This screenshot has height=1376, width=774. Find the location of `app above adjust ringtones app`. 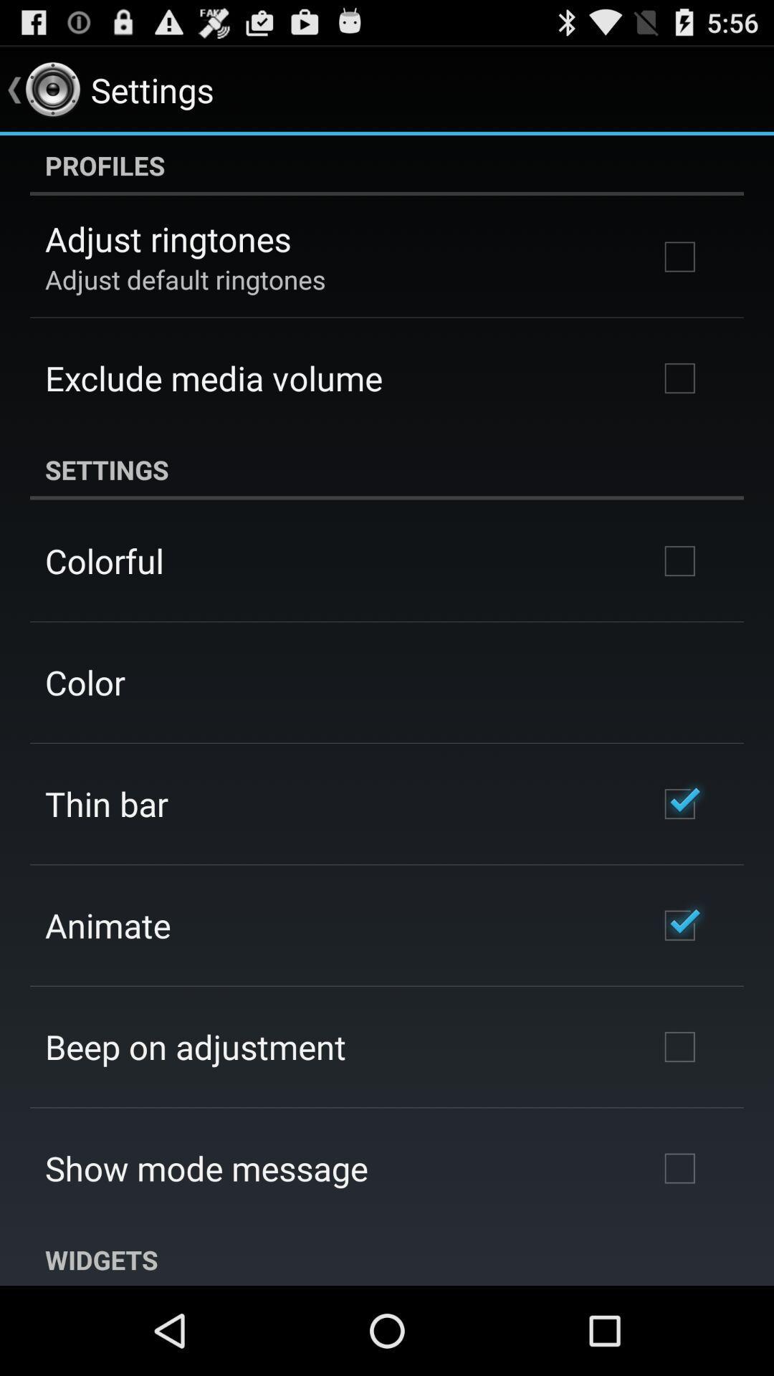

app above adjust ringtones app is located at coordinates (387, 165).